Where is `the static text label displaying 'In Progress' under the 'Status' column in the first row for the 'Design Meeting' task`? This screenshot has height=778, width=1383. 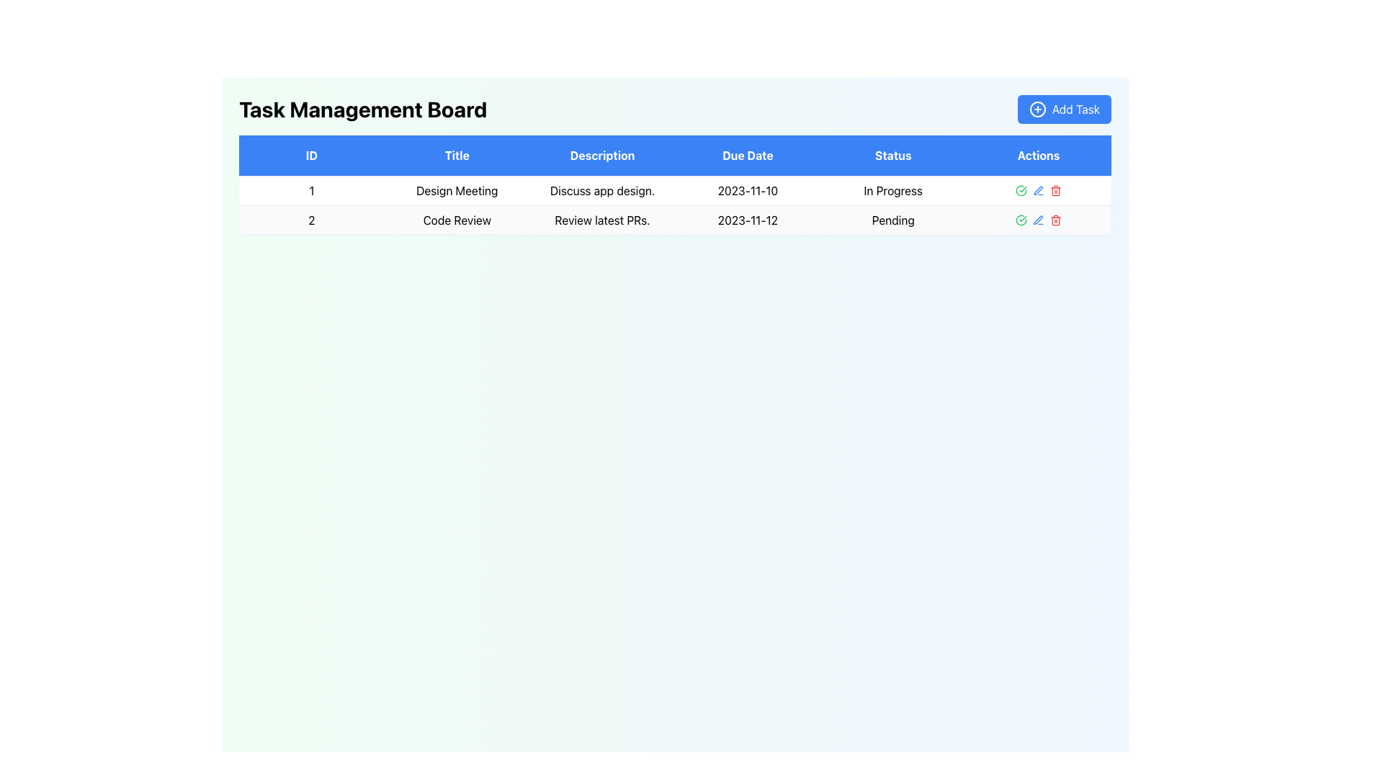
the static text label displaying 'In Progress' under the 'Status' column in the first row for the 'Design Meeting' task is located at coordinates (892, 190).